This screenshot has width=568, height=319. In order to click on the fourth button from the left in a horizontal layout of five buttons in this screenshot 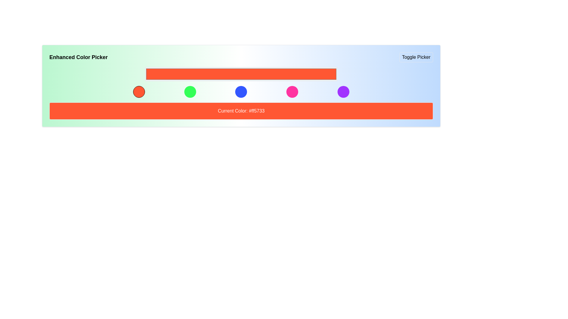, I will do `click(292, 92)`.